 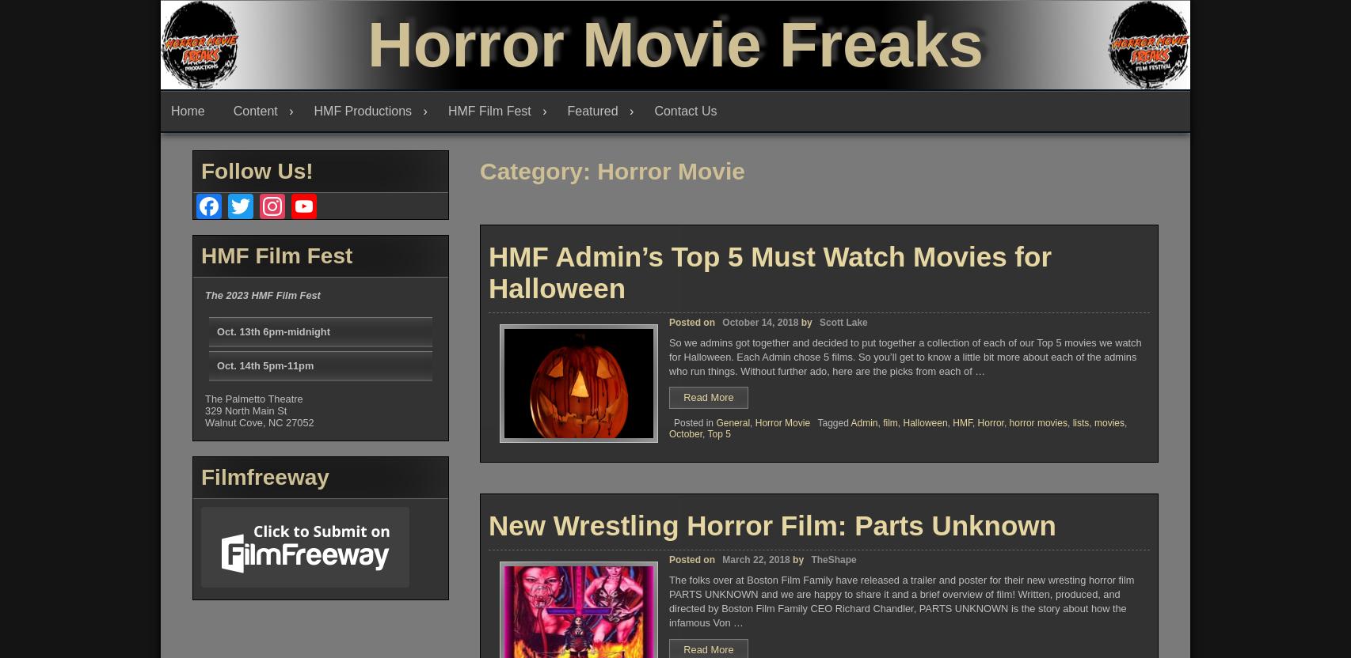 What do you see at coordinates (674, 43) in the screenshot?
I see `'Horror Movie Freaks'` at bounding box center [674, 43].